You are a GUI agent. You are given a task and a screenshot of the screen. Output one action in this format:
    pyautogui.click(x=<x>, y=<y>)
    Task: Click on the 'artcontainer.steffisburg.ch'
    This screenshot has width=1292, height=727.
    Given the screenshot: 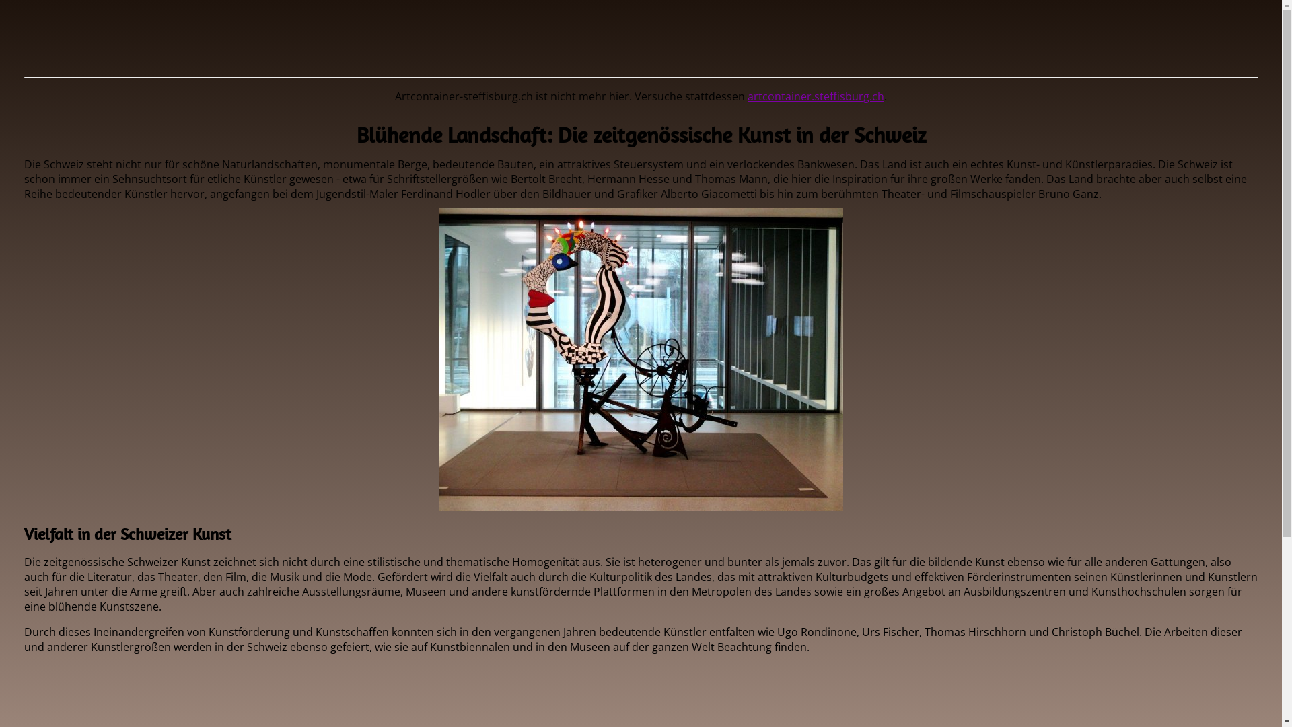 What is the action you would take?
    pyautogui.click(x=815, y=95)
    